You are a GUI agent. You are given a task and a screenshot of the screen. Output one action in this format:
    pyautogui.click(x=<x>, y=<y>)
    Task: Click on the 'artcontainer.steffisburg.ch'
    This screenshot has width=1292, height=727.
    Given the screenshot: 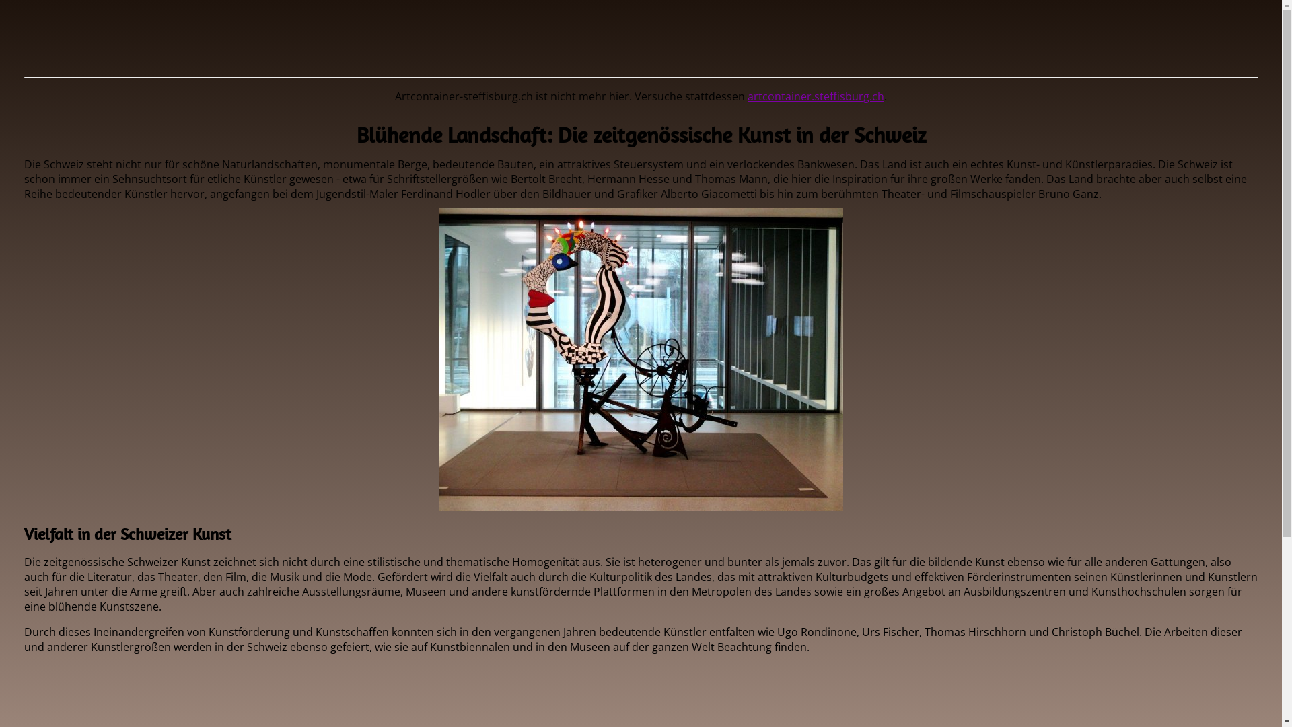 What is the action you would take?
    pyautogui.click(x=815, y=95)
    